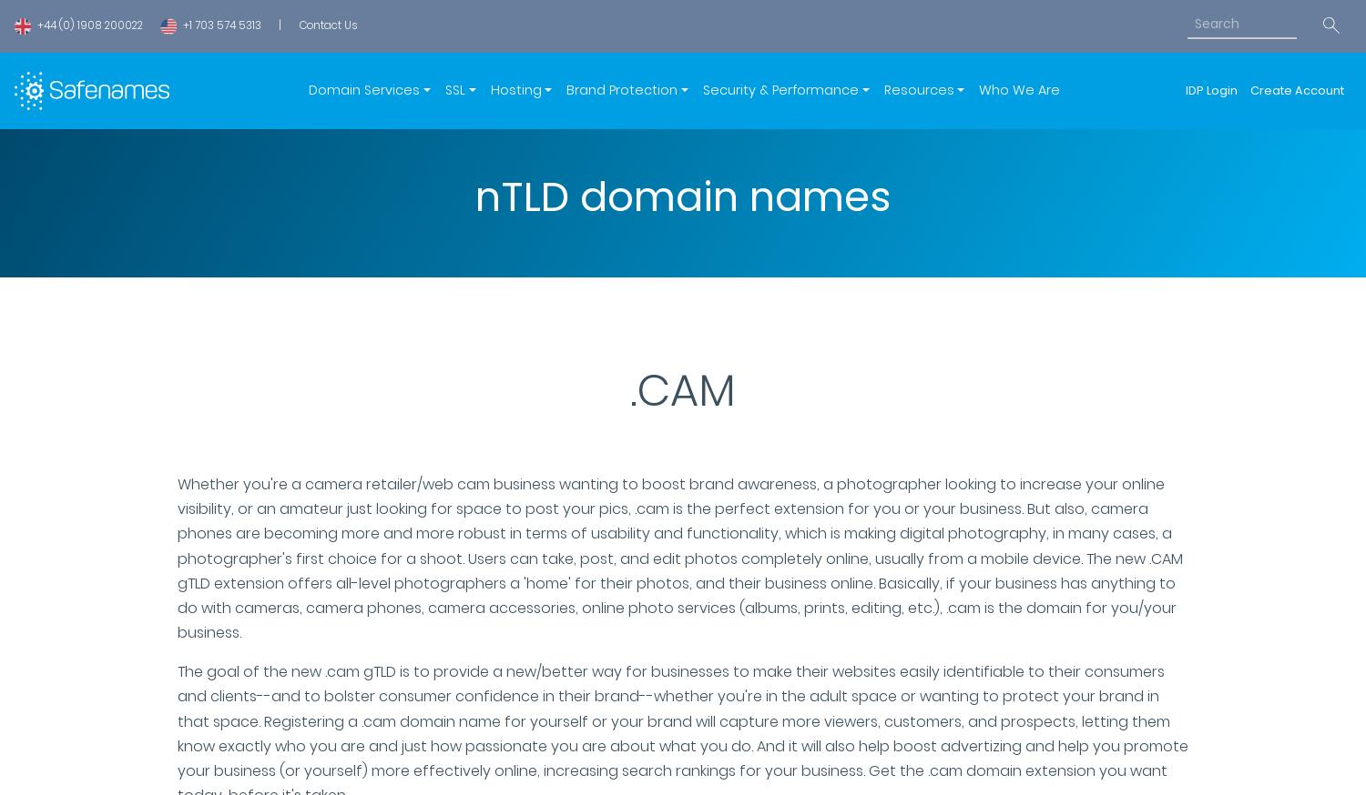 This screenshot has height=795, width=1366. What do you see at coordinates (177, 557) in the screenshot?
I see `'Whether you're a camera retailer/web cam business wanting to boost brand awareness, a photographer looking to increase your online visibility, or an amateur just looking for space to post your pics, .cam is the perfect extension for you
                    or your business. But also, camera phones are becoming more and more robust in terms of usability and functionality, which is making digital photography, in many cases, a photographer's first choice for a shoot. Users can take, post,
                    and edit photos completely online, usually from a mobile device. The new .CAM gTLD extension offers all-level photographers a 'home' for their photos, and their business online. Basically, if your business has anything to do with cameras,
                    camera phones, camera accessories, online photo services (albums, prints, editing, etc.), .cam is the domain for you/your business.'` at bounding box center [177, 557].